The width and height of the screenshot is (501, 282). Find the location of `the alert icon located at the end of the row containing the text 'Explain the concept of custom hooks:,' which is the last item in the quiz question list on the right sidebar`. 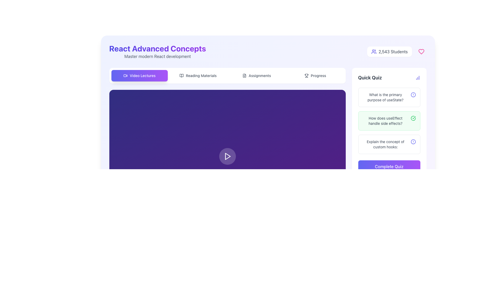

the alert icon located at the end of the row containing the text 'Explain the concept of custom hooks:,' which is the last item in the quiz question list on the right sidebar is located at coordinates (413, 142).